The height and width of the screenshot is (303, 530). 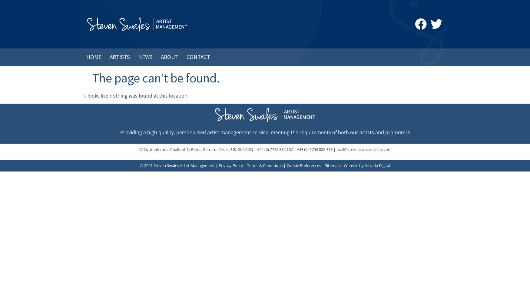 What do you see at coordinates (179, 165) in the screenshot?
I see `'© 2021 Steven Swales Artist Management |'` at bounding box center [179, 165].